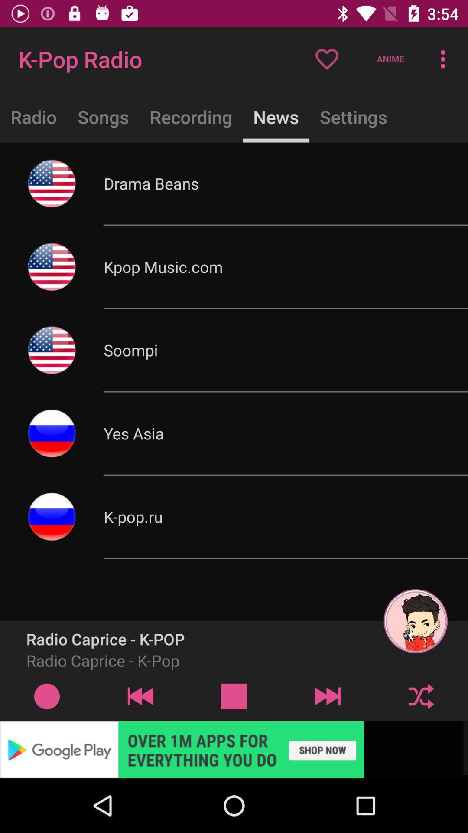 The height and width of the screenshot is (833, 468). I want to click on rewind, so click(140, 696).